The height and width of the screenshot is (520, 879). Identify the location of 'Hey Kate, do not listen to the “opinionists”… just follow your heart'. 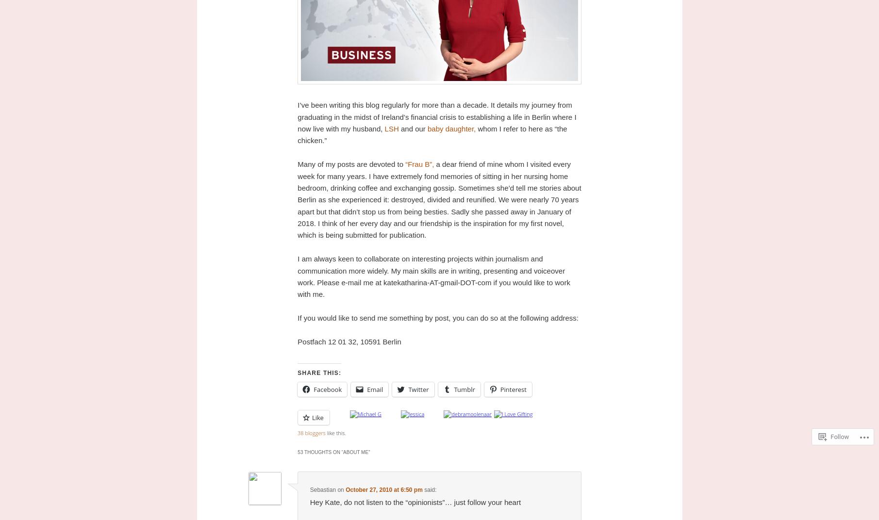
(415, 502).